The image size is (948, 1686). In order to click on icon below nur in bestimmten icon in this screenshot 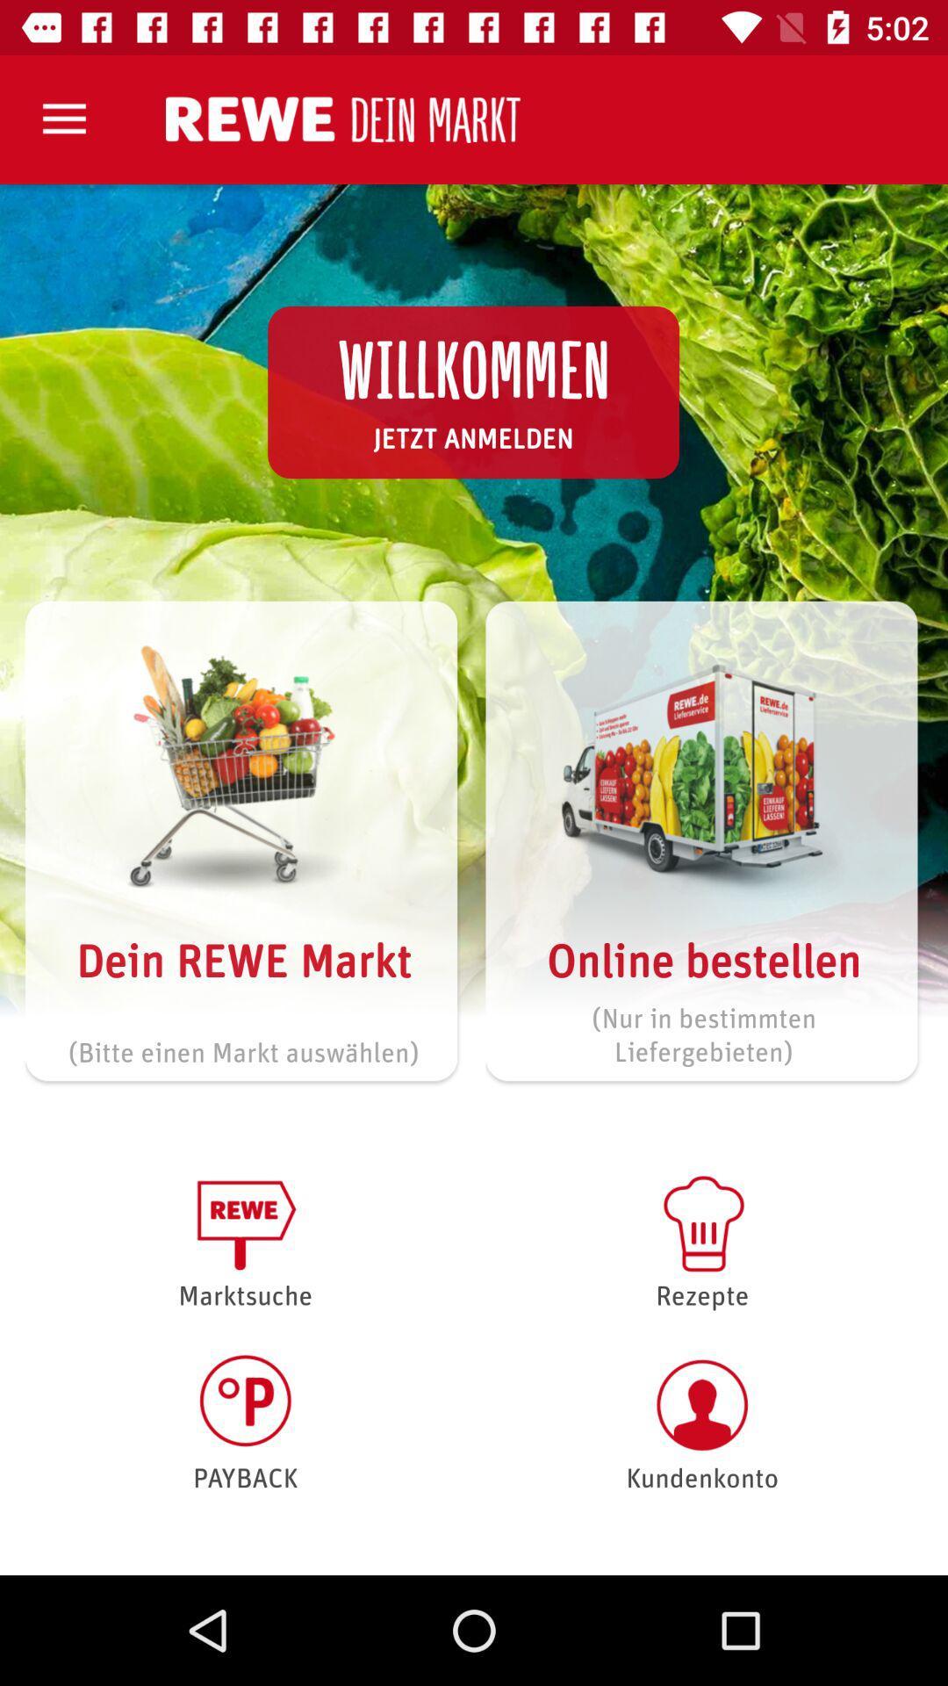, I will do `click(701, 1239)`.